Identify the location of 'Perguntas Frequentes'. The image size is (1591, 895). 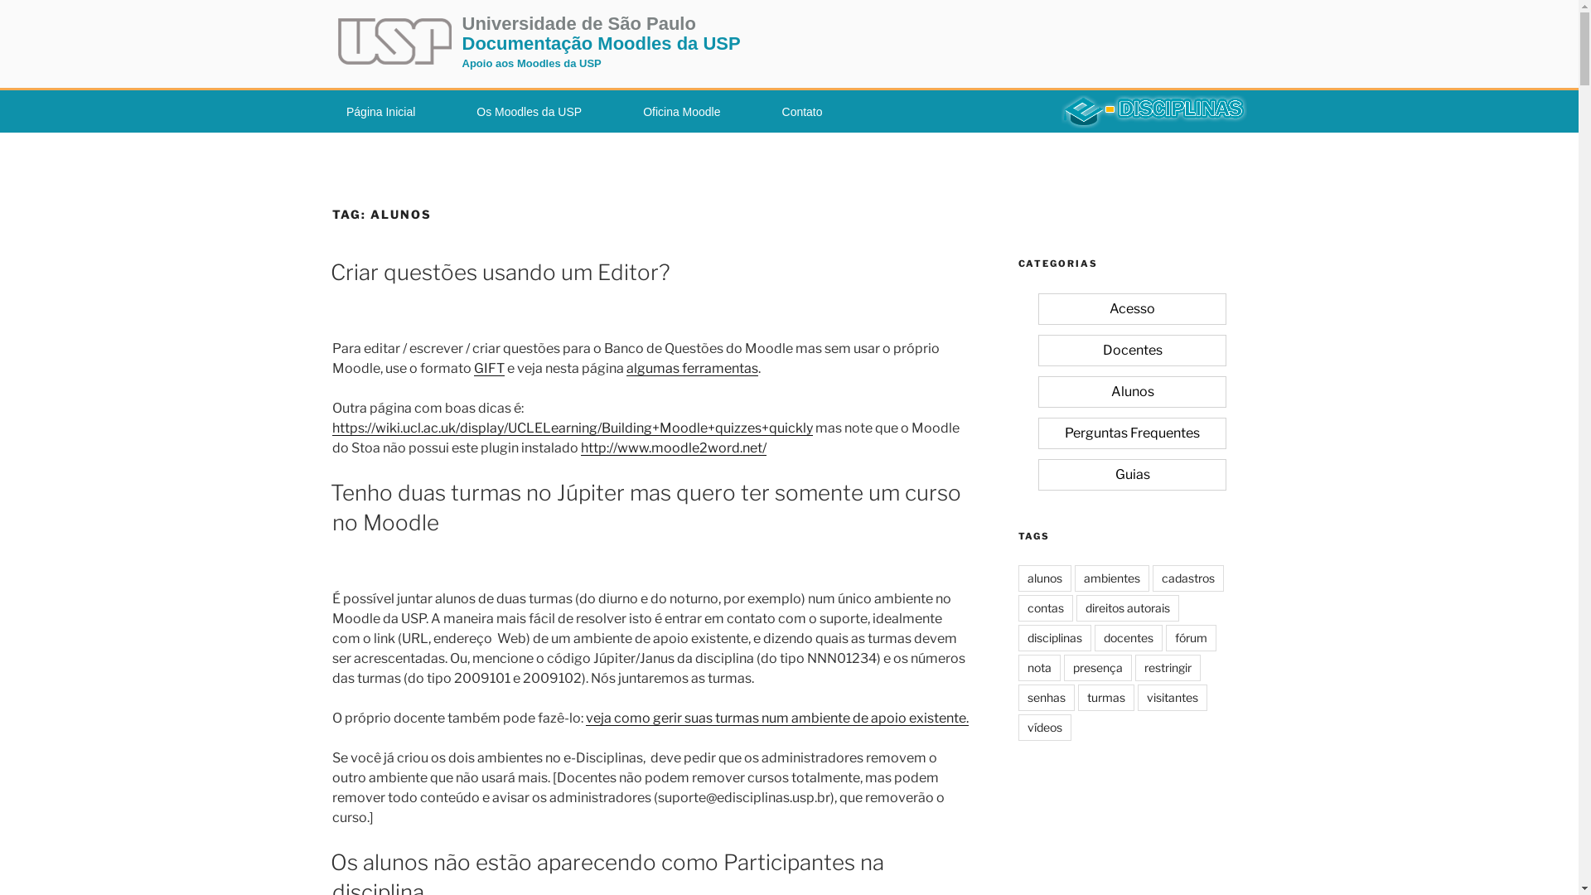
(1131, 433).